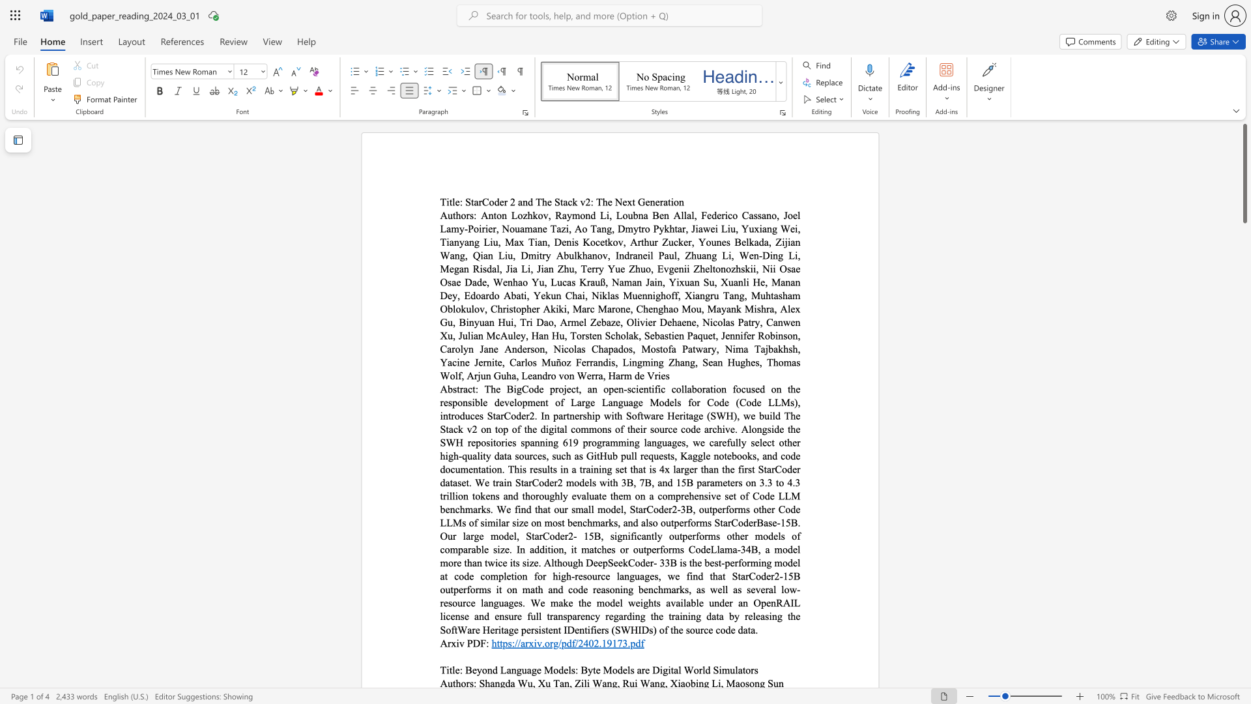  Describe the element at coordinates (1244, 430) in the screenshot. I see `the scrollbar to move the content lower` at that location.